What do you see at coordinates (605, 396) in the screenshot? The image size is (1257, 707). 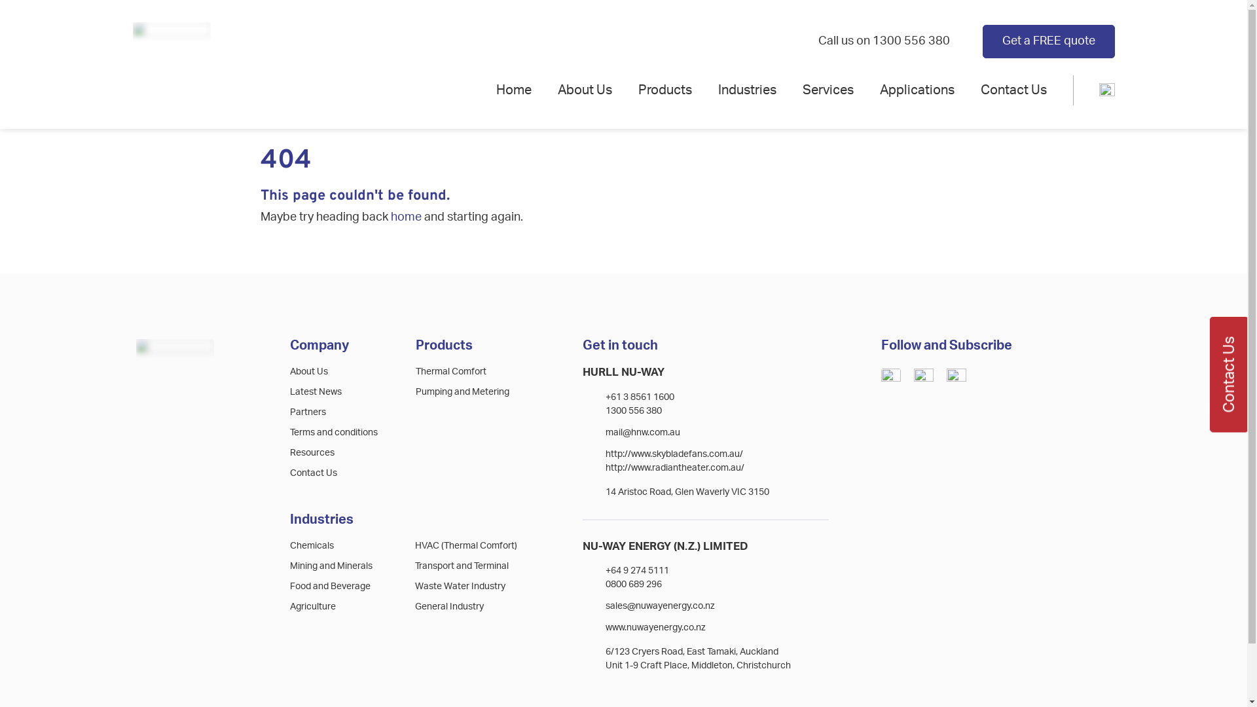 I see `'+61 3 8561 1600'` at bounding box center [605, 396].